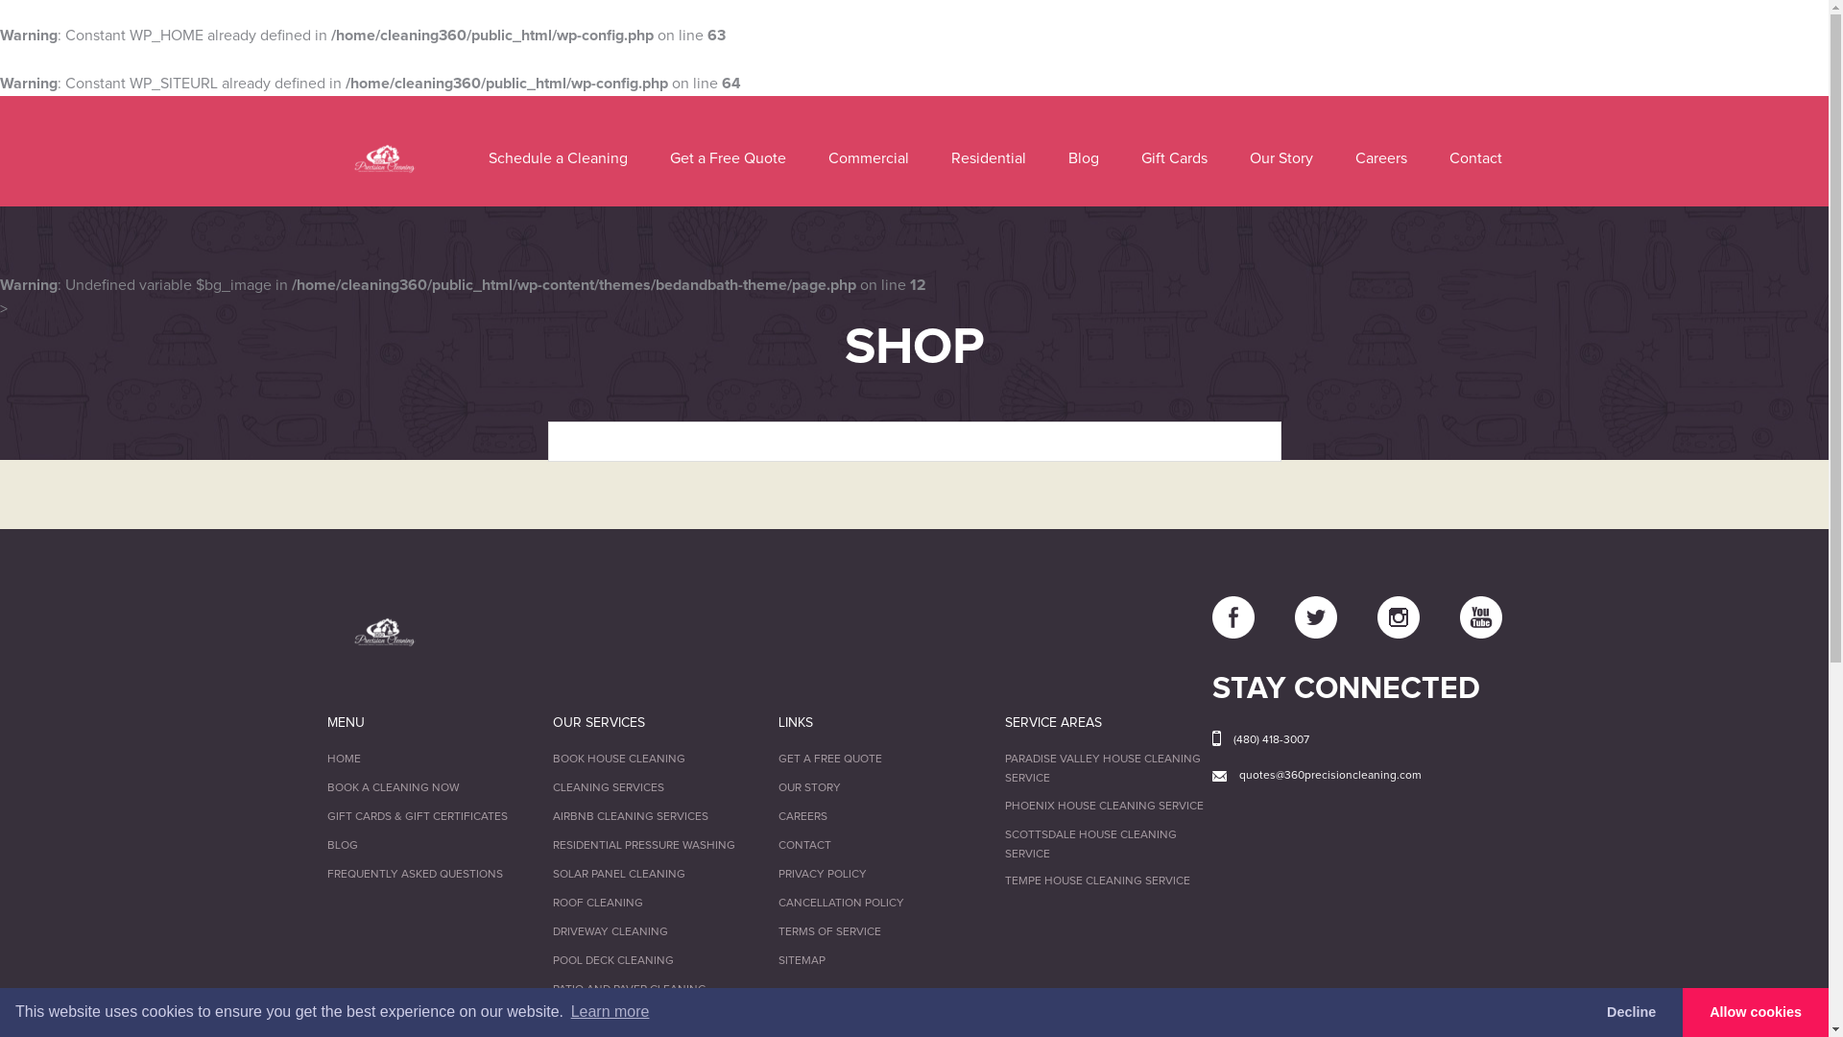  Describe the element at coordinates (341, 844) in the screenshot. I see `'BLOG'` at that location.